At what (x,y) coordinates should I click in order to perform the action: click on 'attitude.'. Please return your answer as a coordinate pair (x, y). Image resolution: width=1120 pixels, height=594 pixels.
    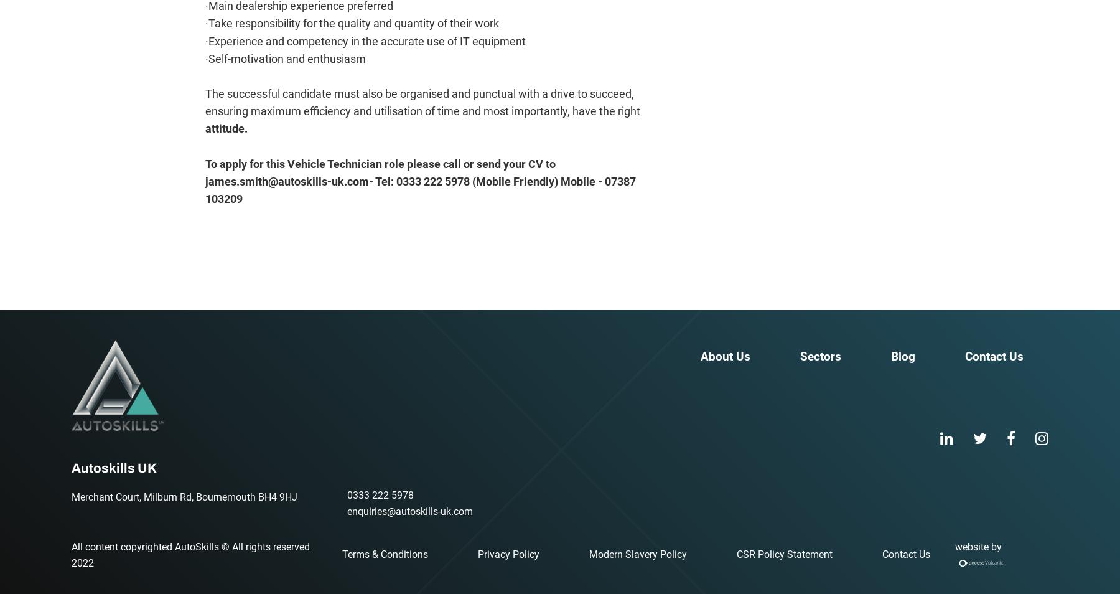
    Looking at the image, I should click on (226, 128).